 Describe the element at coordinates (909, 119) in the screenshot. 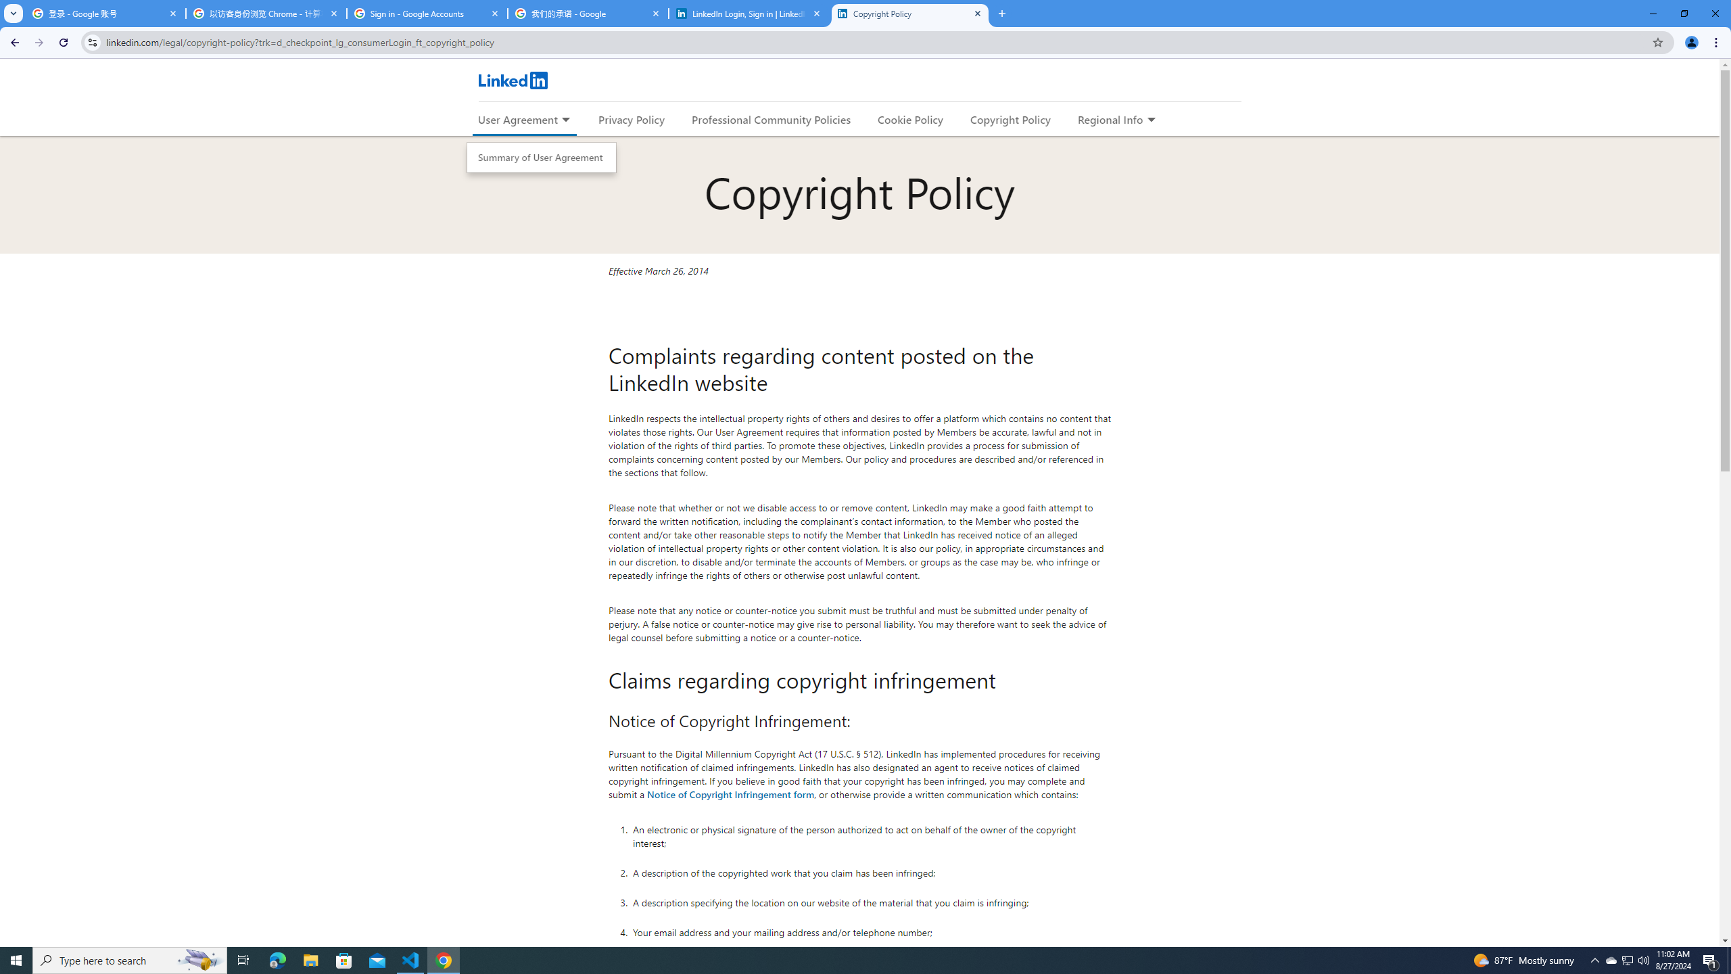

I see `'Cookie Policy'` at that location.